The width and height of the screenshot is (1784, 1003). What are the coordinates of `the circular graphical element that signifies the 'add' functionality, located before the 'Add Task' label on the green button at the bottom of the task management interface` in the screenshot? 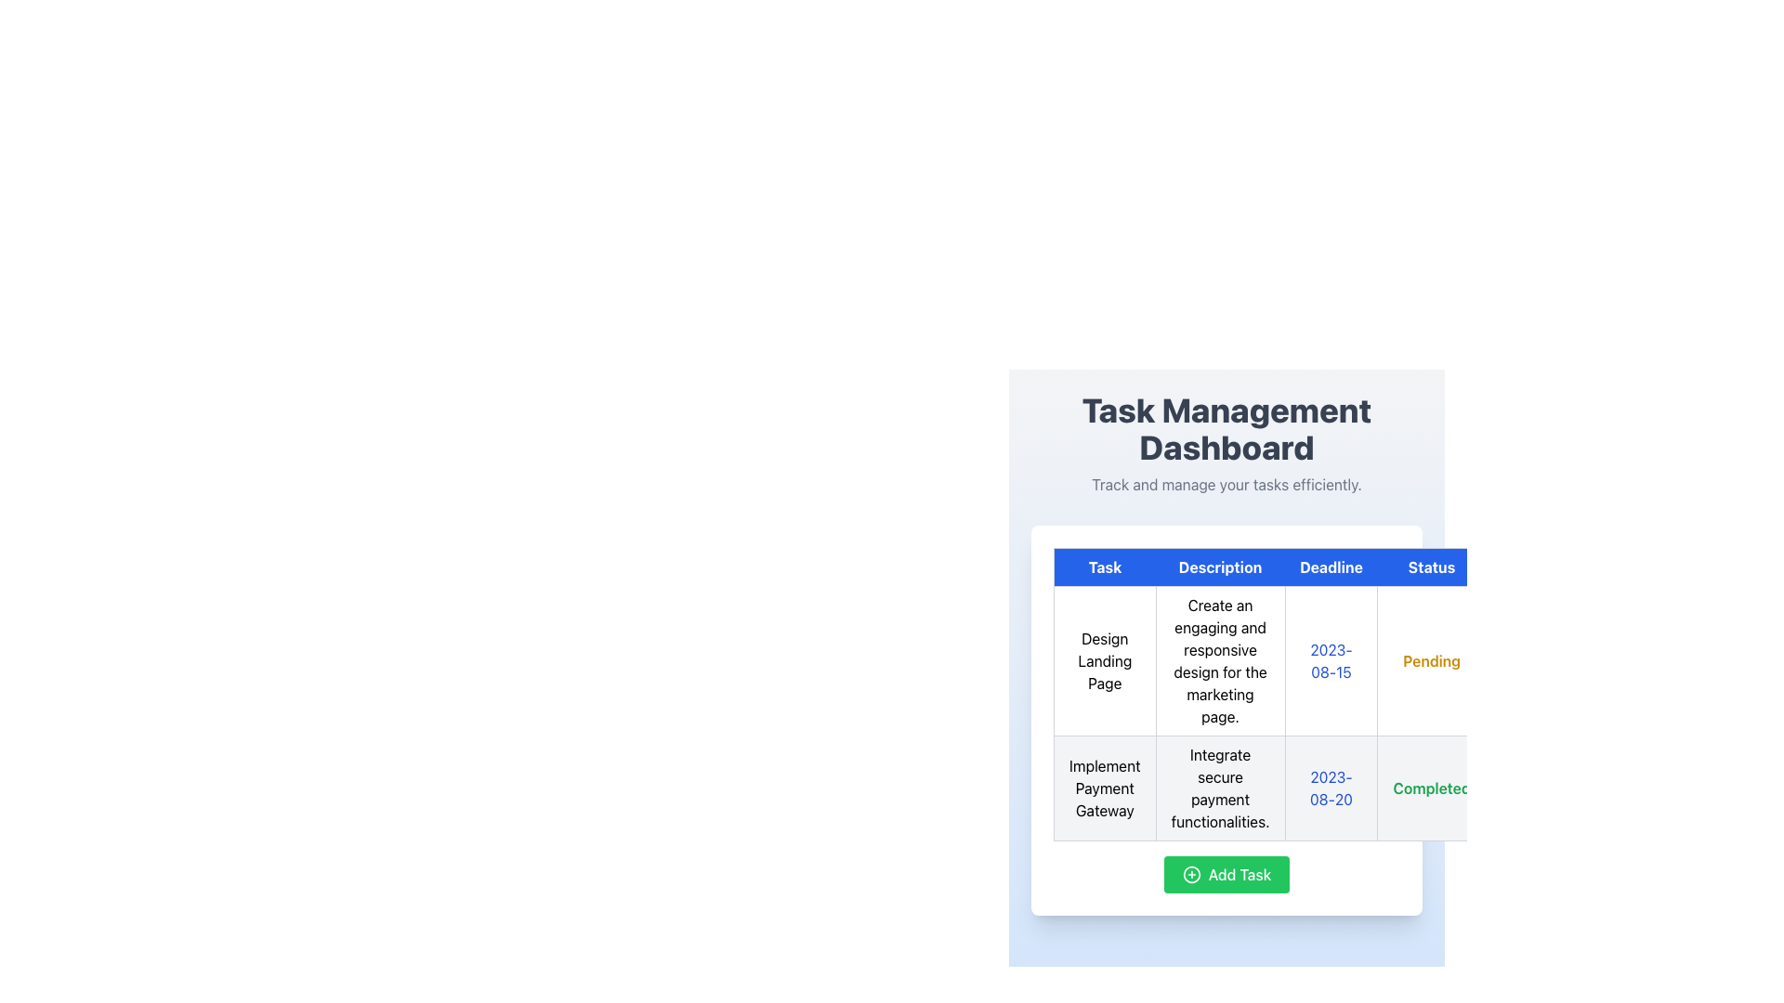 It's located at (1191, 874).